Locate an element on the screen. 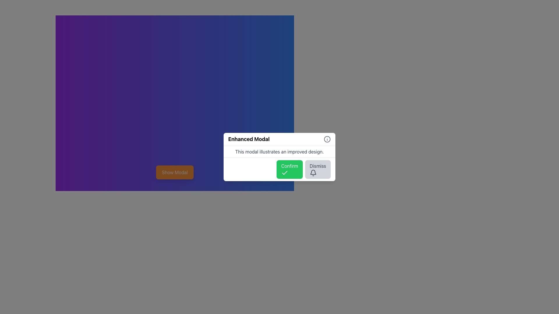  the SVG Circle that represents 'info' or 'details' within the modal dialog titled 'Enhanced Modal', located at the top-right corner is located at coordinates (327, 139).